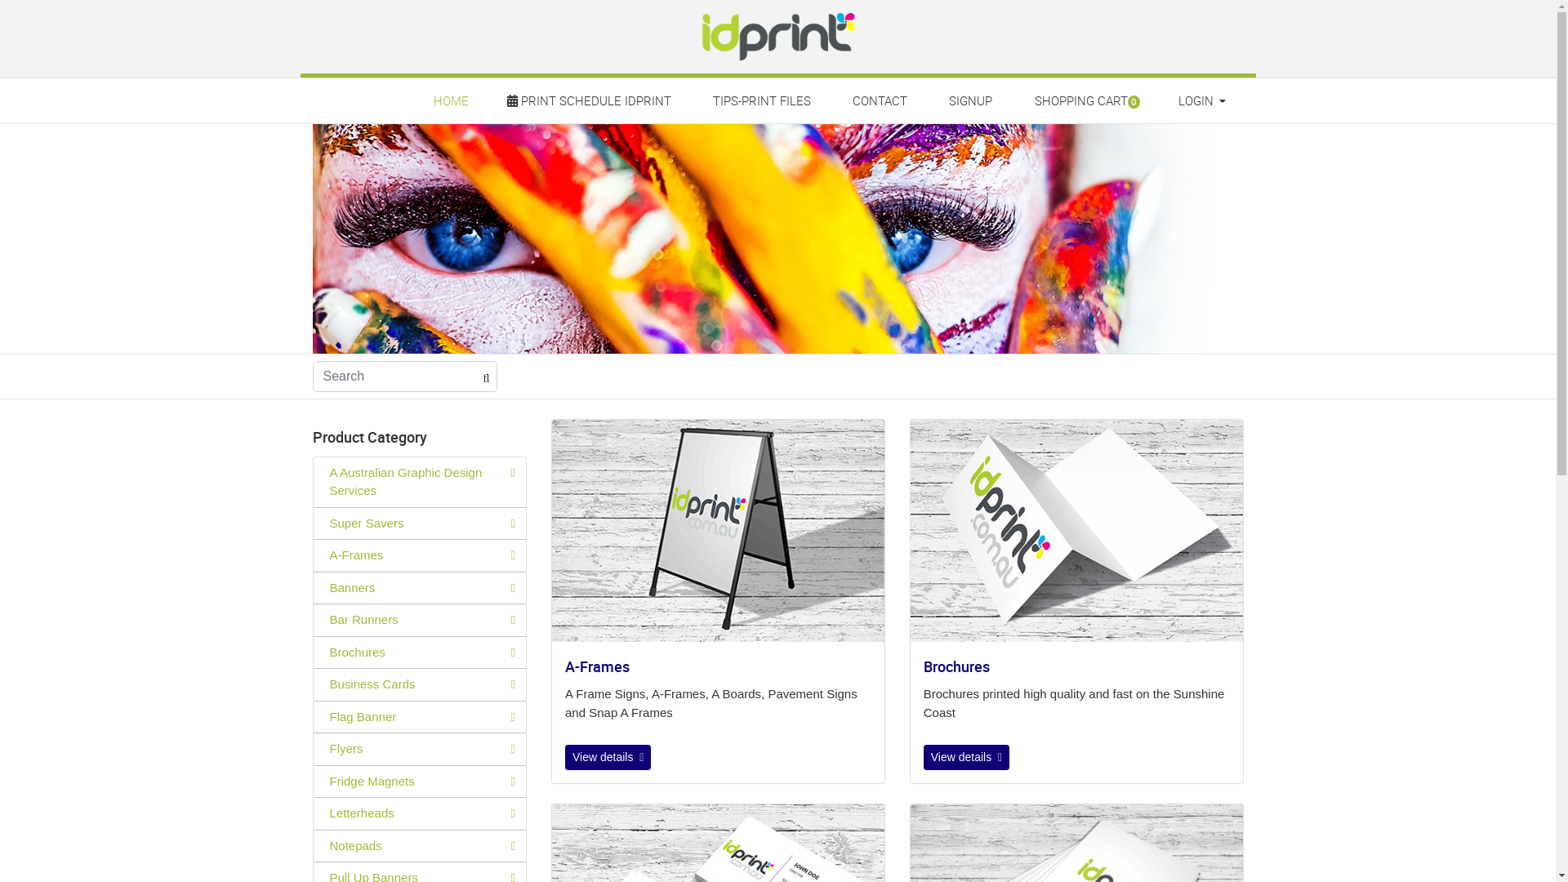 This screenshot has width=1568, height=882. What do you see at coordinates (420, 523) in the screenshot?
I see `'Super Savers'` at bounding box center [420, 523].